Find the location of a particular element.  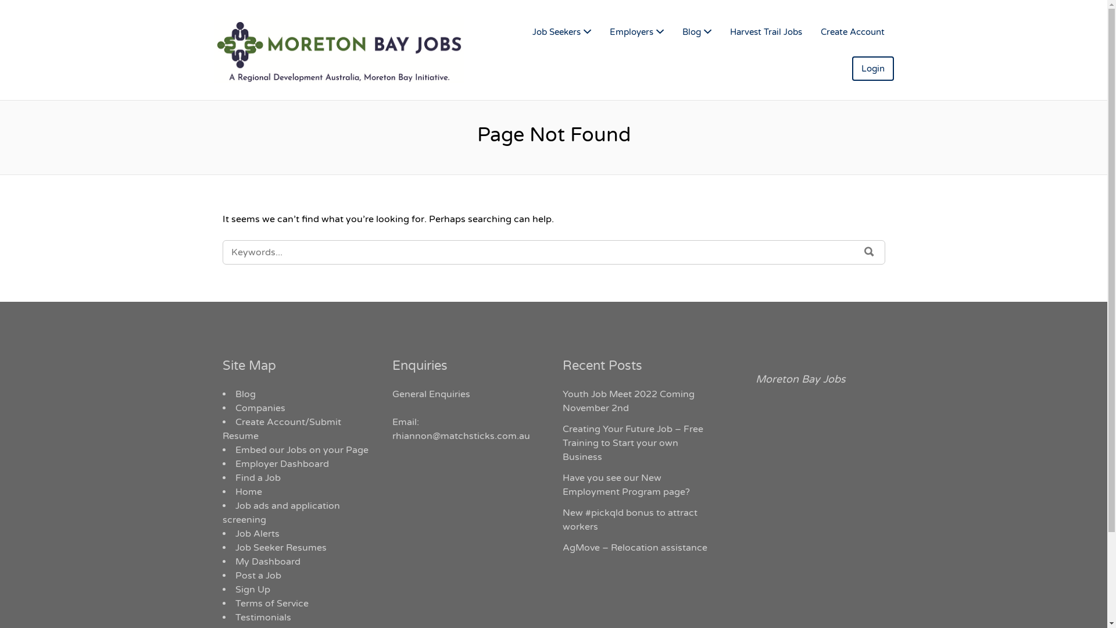

'MORETON BAY JOBS' is located at coordinates (349, 49).